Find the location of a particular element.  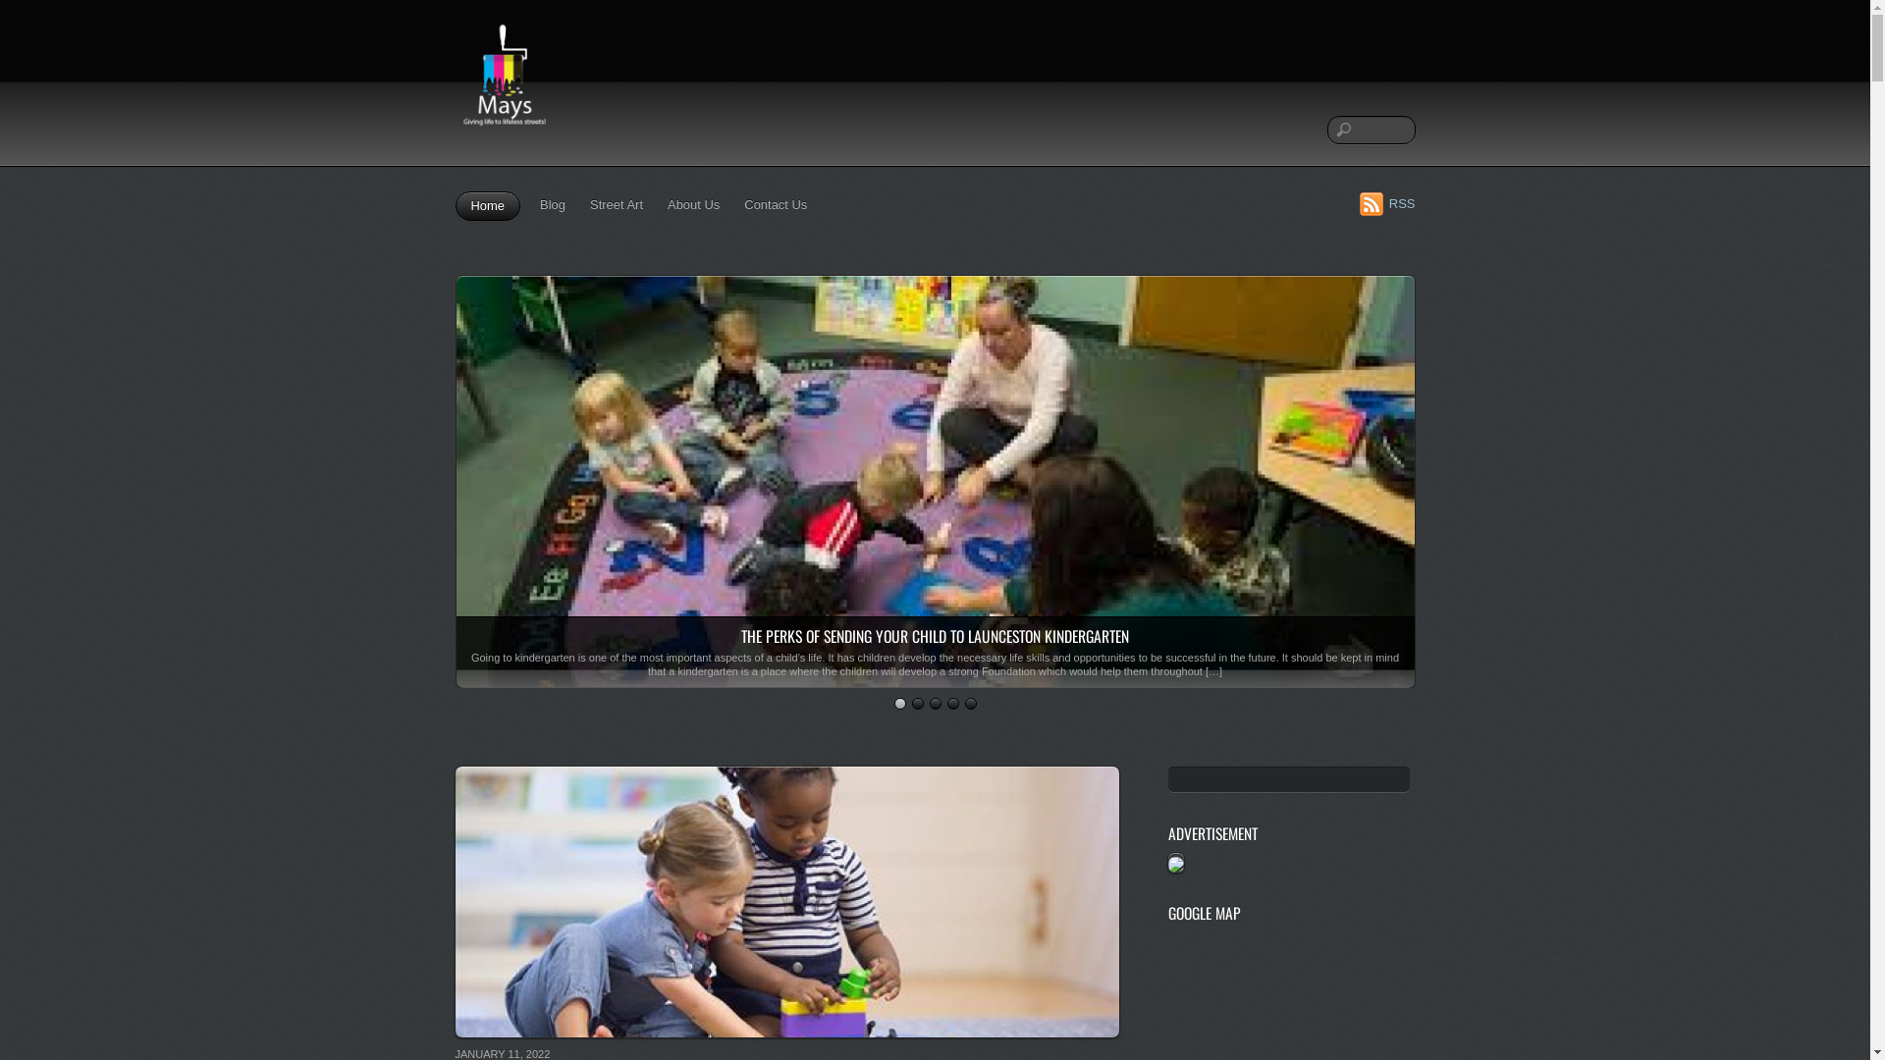

'Search' is located at coordinates (1370, 130).